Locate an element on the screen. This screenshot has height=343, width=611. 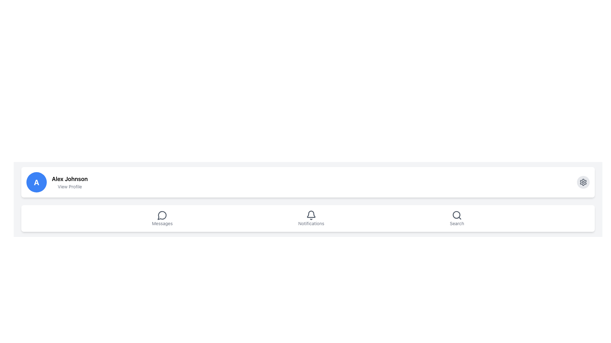
the gray gear icon button located in the top-right corner of the user interface is located at coordinates (583, 182).